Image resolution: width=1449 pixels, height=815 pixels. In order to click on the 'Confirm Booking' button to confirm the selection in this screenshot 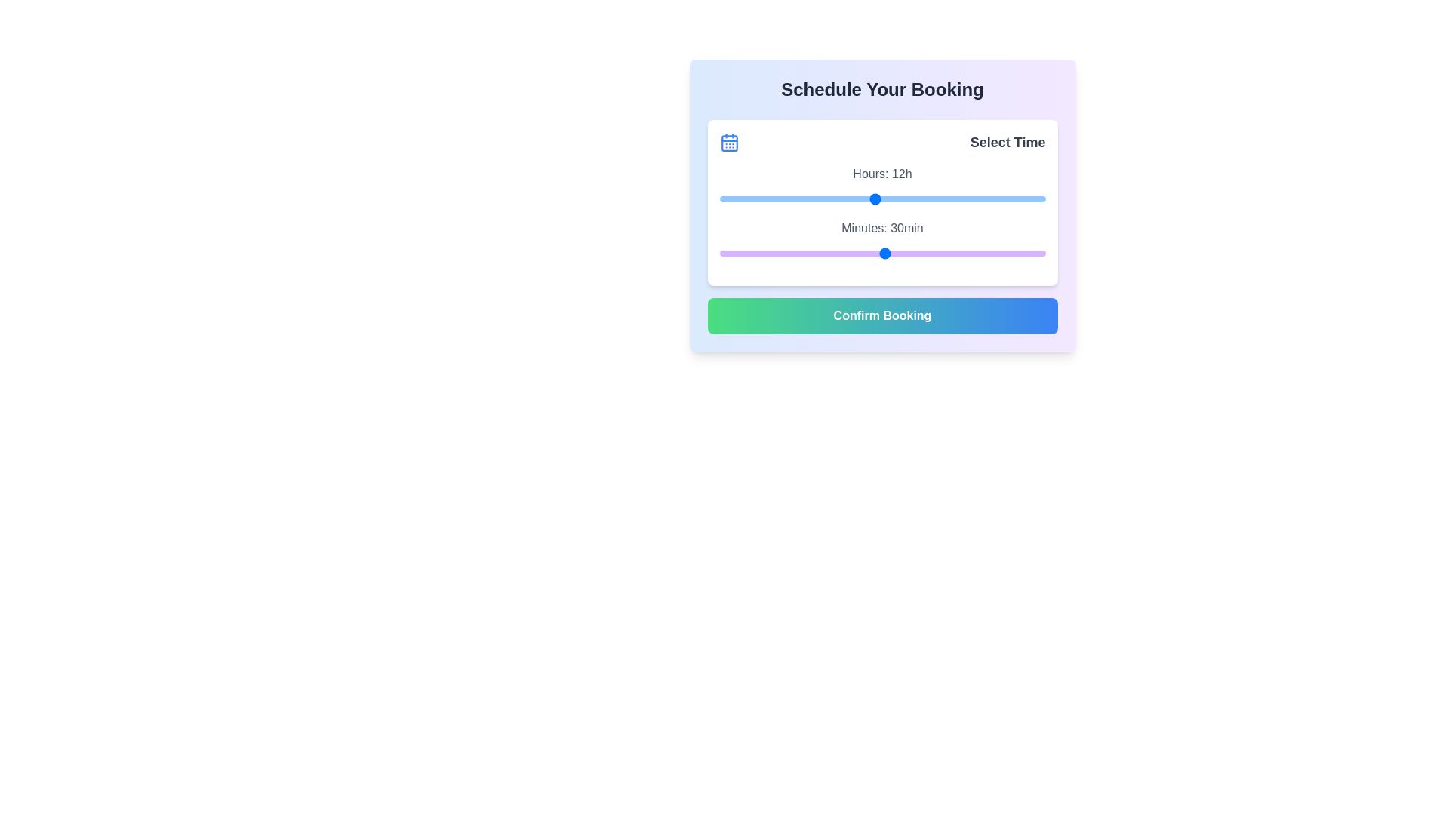, I will do `click(882, 315)`.